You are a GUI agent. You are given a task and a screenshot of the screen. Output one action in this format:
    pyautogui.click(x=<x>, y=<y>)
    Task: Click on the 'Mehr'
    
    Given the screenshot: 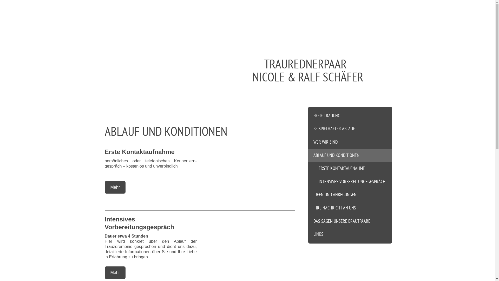 What is the action you would take?
    pyautogui.click(x=114, y=187)
    